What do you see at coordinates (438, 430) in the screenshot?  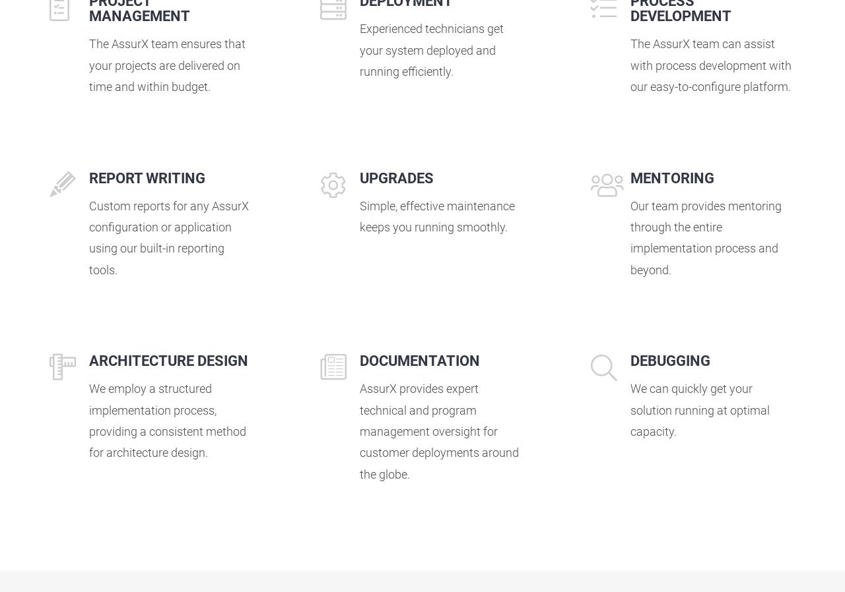 I see `'AssurX provides expert technical and program management oversight for customer deployments around the globe.'` at bounding box center [438, 430].